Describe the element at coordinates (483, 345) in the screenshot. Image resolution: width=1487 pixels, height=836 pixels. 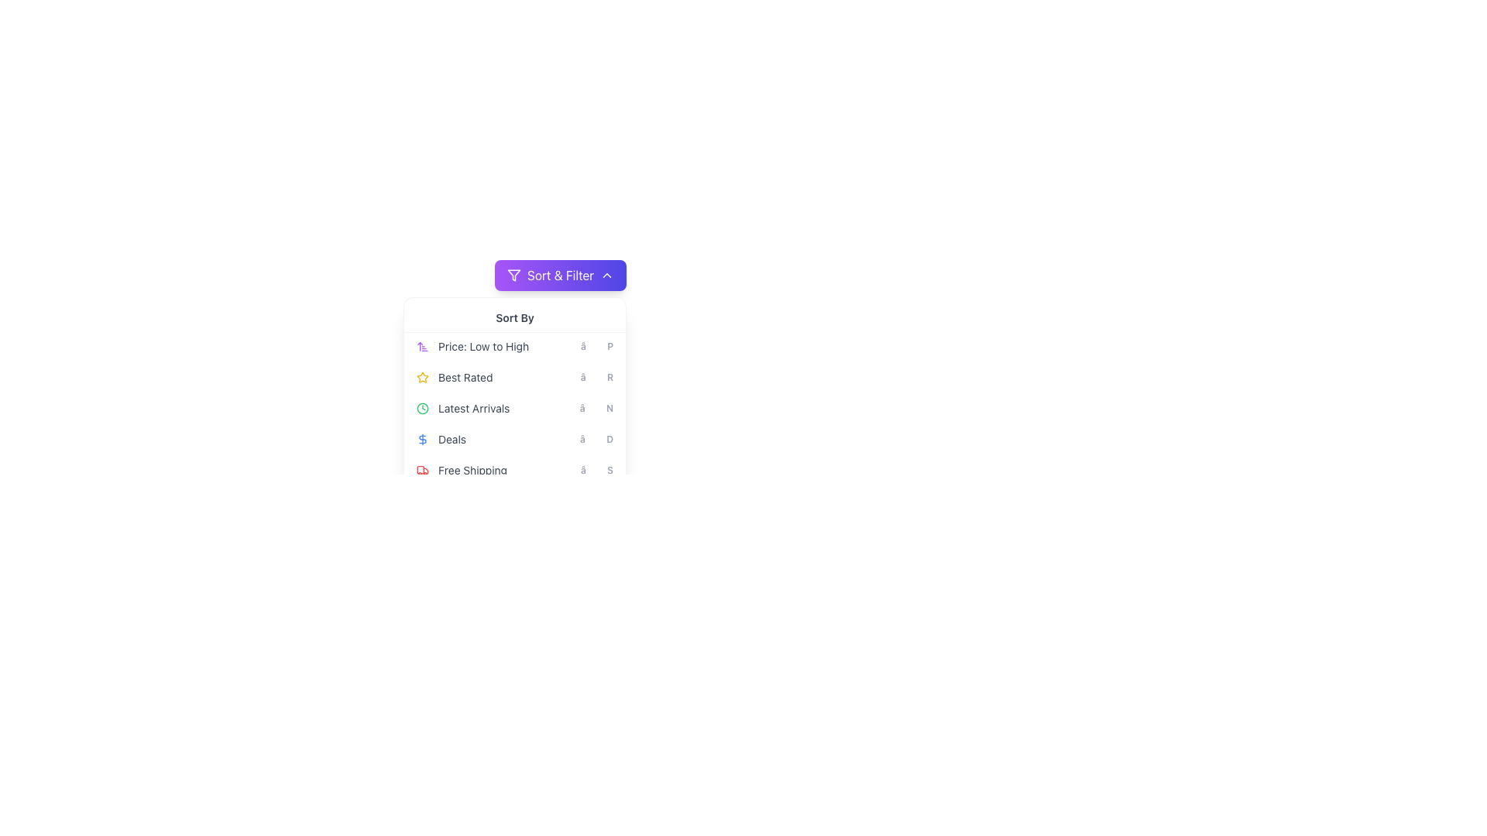
I see `the 'Sort By' dropdown's first option label that describes sorting prices in ascending order` at that location.